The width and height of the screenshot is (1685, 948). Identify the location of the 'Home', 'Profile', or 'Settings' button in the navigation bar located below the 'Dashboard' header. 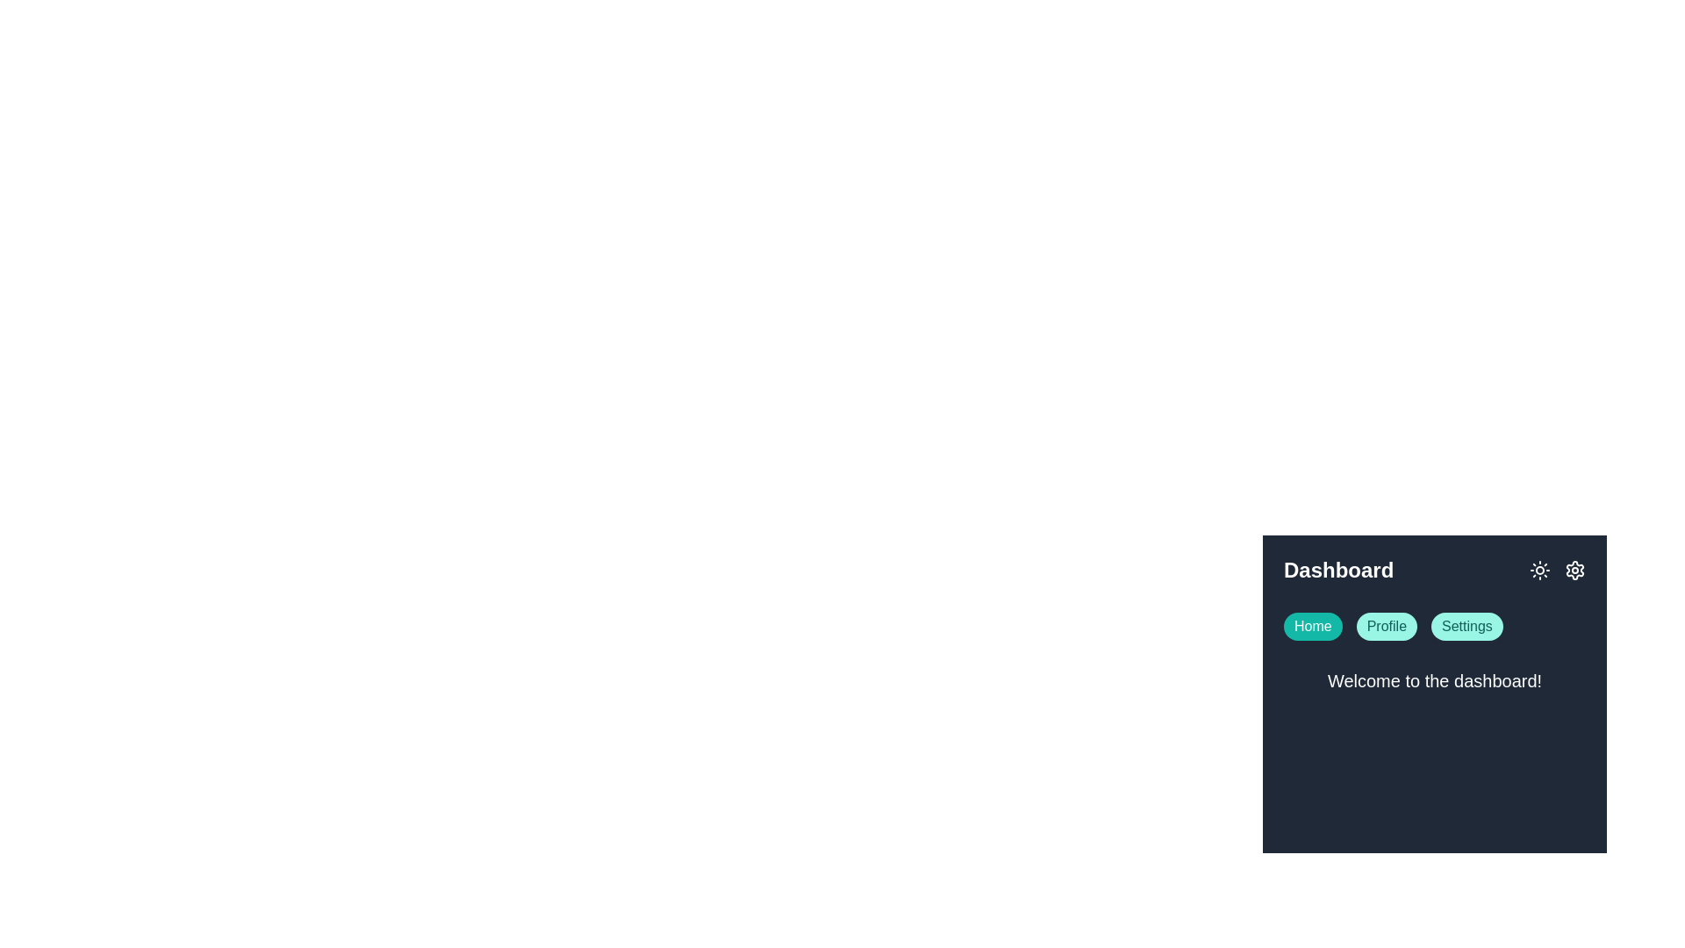
(1435, 625).